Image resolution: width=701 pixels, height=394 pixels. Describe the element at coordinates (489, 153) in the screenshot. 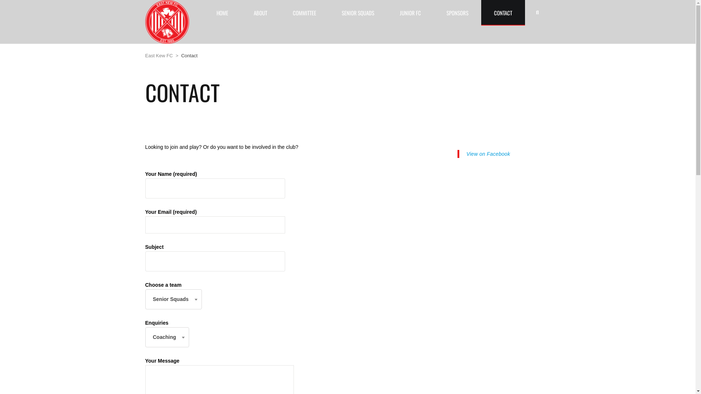

I see `'View on Facebook'` at that location.